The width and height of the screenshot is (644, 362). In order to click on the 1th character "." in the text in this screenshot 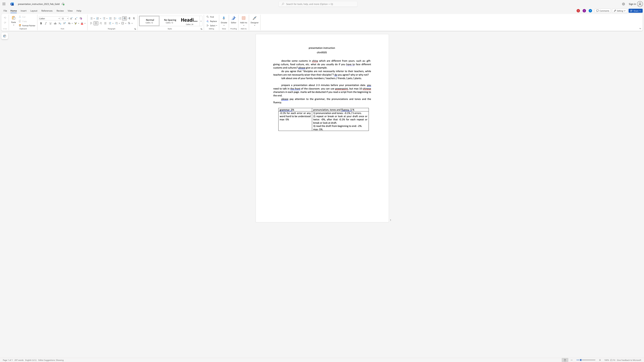, I will do `click(327, 67)`.